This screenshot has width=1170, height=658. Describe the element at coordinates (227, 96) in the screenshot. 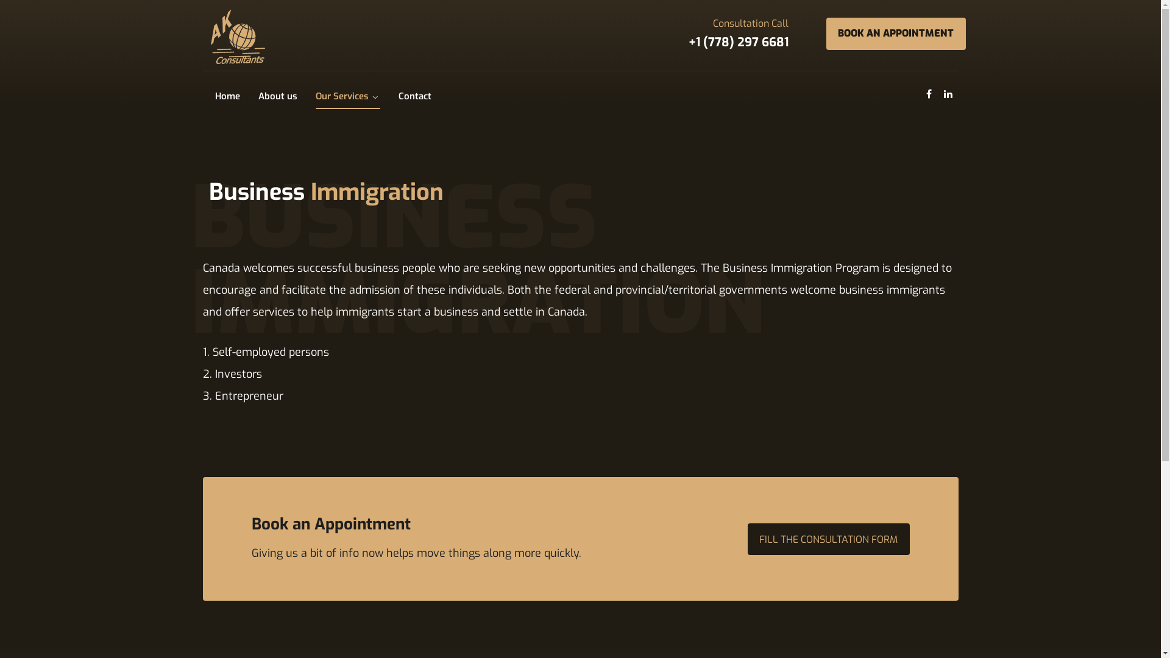

I see `'Home'` at that location.